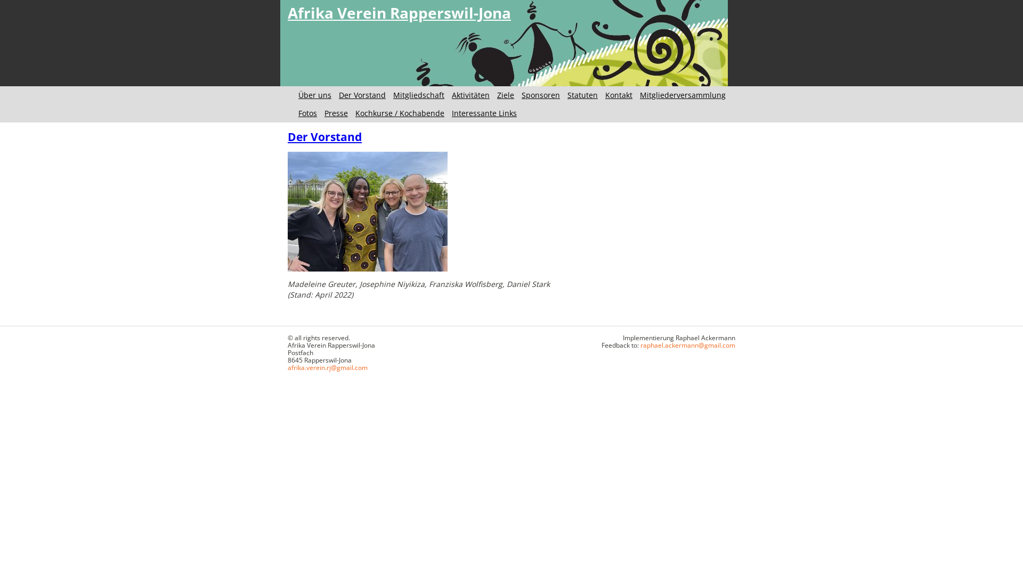 The height and width of the screenshot is (575, 1023). Describe the element at coordinates (335, 113) in the screenshot. I see `'Presse'` at that location.